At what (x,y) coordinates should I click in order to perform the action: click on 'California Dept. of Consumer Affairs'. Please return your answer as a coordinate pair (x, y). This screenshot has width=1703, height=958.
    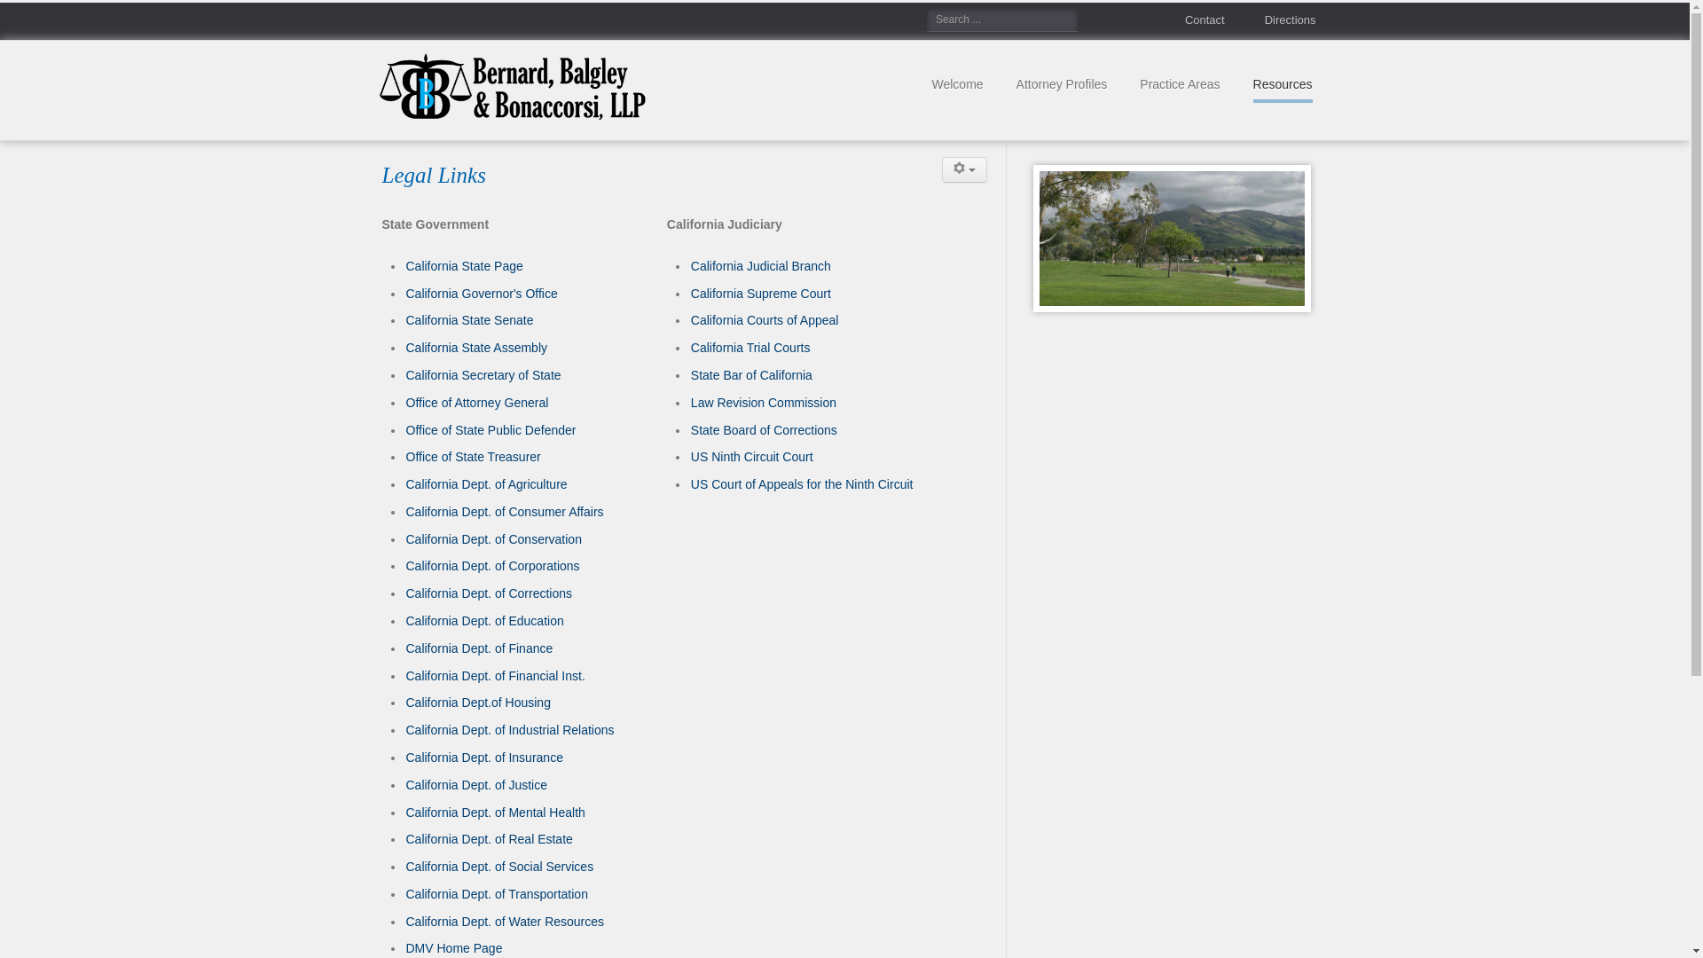
    Looking at the image, I should click on (504, 512).